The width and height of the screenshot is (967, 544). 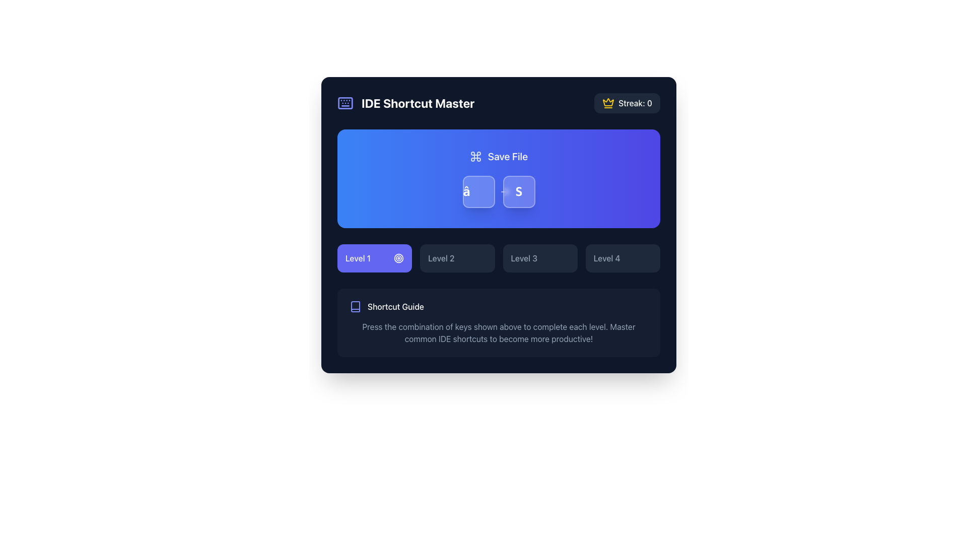 What do you see at coordinates (398, 258) in the screenshot?
I see `the circular target icon with concentric rings, outlined in white and set against a blue background` at bounding box center [398, 258].